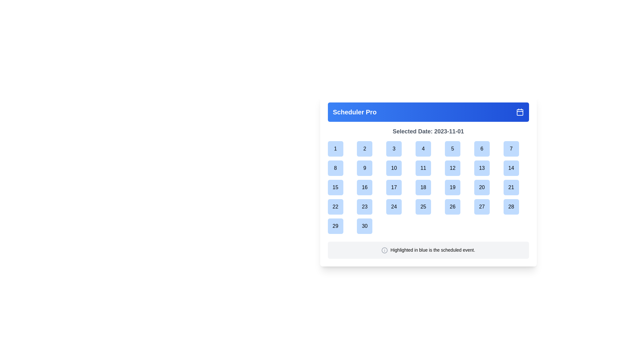 The image size is (619, 348). I want to click on the tooltip providing additional information about the calendar date '23', located centrally below the date cell in the calendar grid, so click(370, 219).